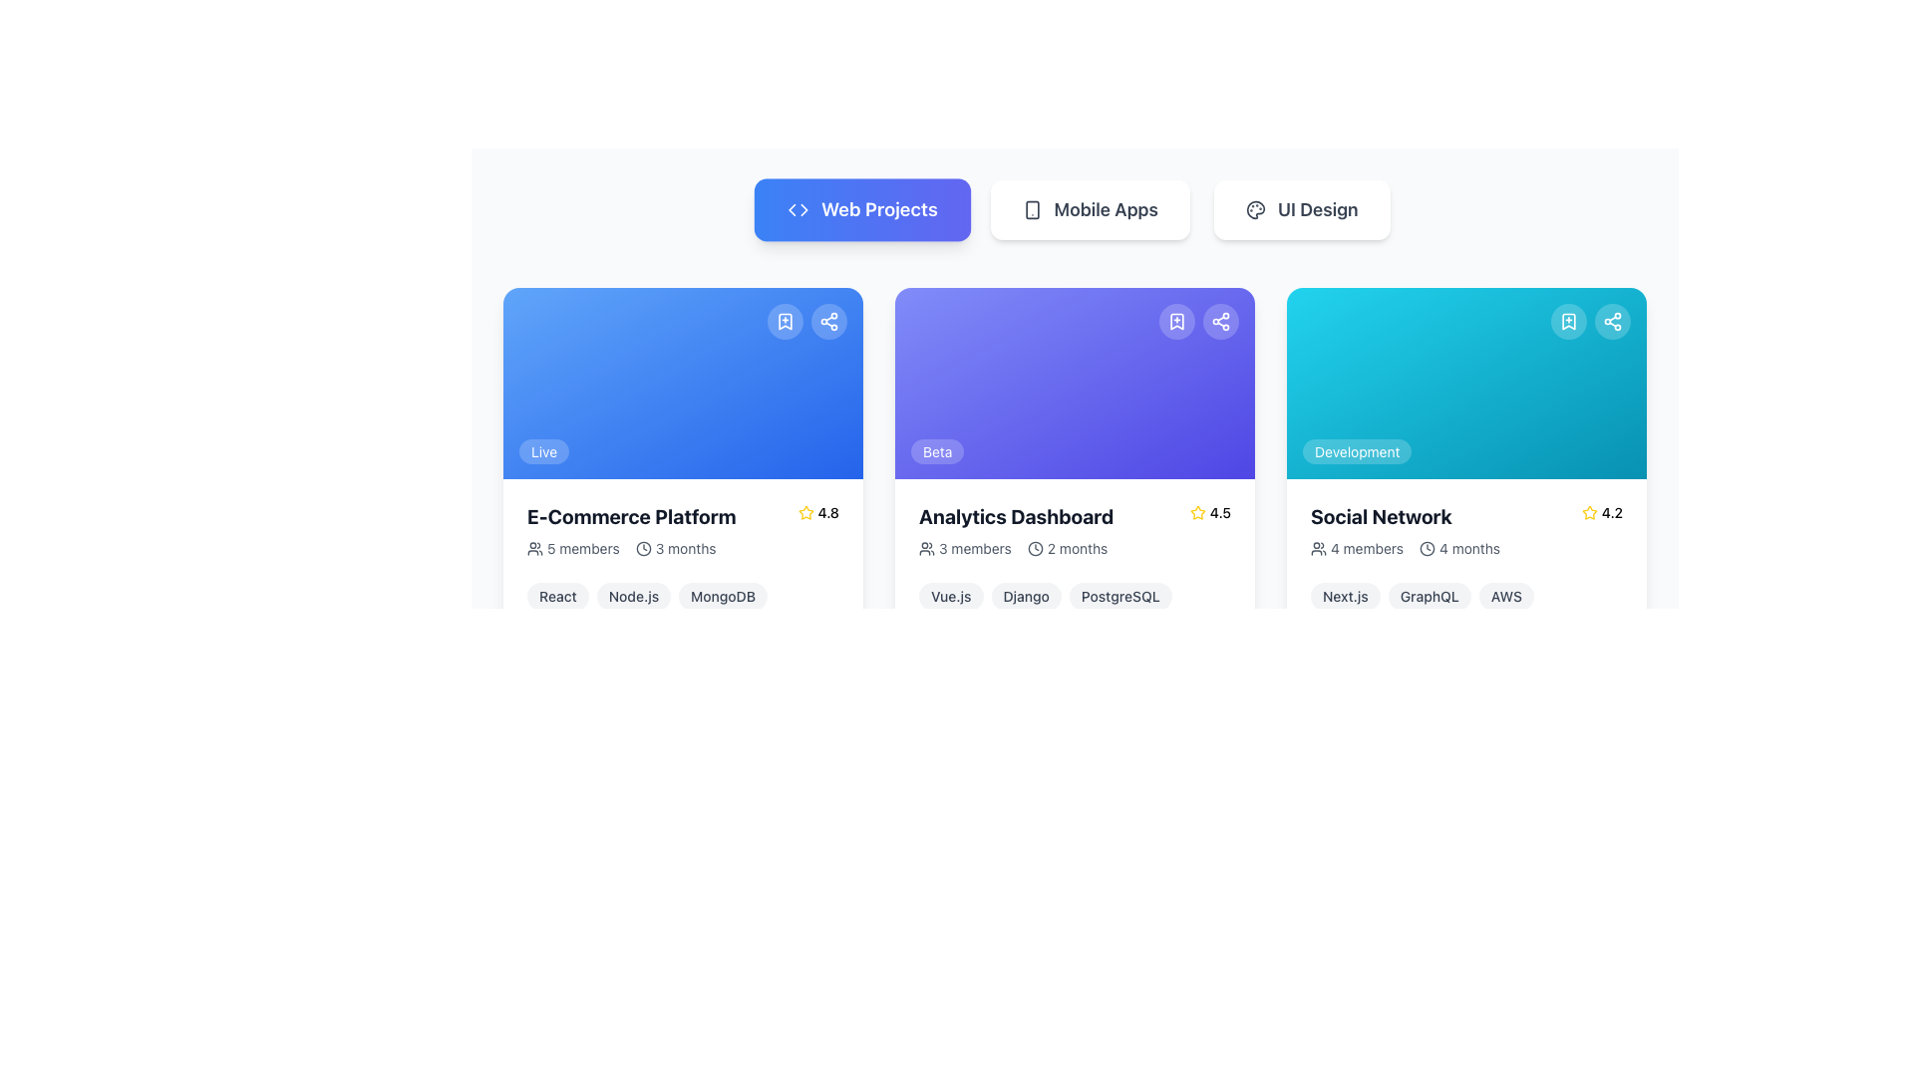  What do you see at coordinates (784, 321) in the screenshot?
I see `the bookmark IconButton located in the top-right corner of the 'E-Commerce Platform' card` at bounding box center [784, 321].